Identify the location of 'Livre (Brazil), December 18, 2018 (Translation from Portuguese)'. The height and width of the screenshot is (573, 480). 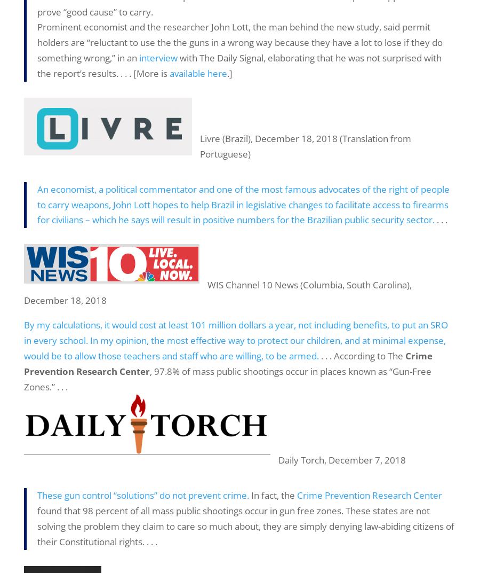
(306, 145).